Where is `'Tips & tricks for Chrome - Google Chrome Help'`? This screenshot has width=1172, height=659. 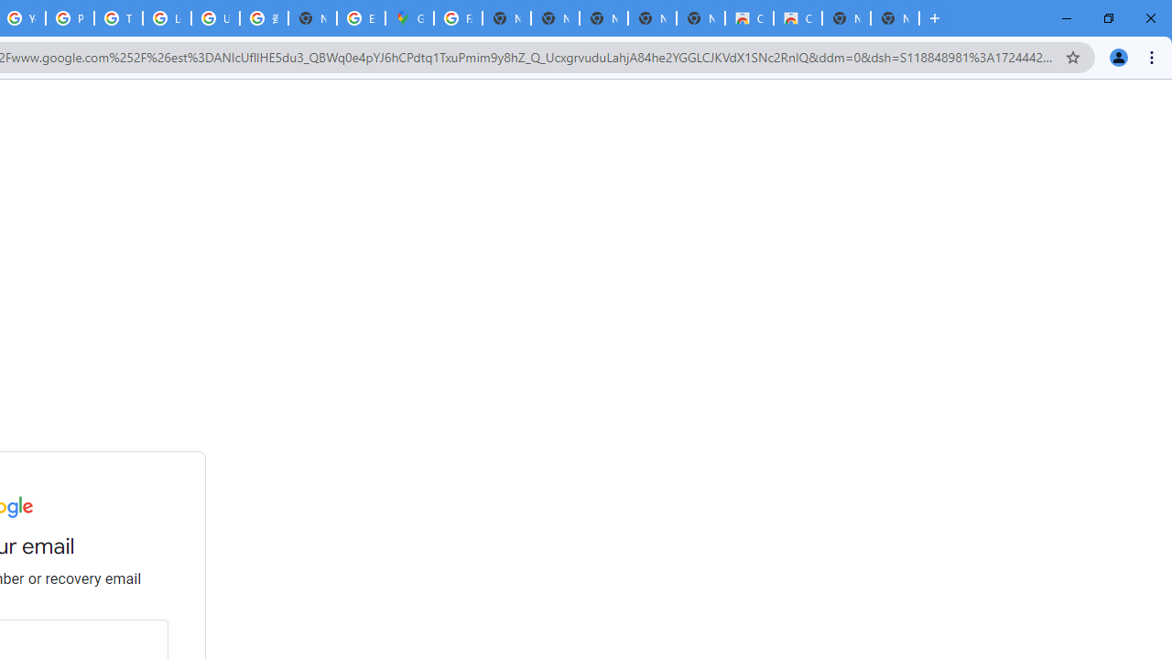 'Tips & tricks for Chrome - Google Chrome Help' is located at coordinates (117, 18).